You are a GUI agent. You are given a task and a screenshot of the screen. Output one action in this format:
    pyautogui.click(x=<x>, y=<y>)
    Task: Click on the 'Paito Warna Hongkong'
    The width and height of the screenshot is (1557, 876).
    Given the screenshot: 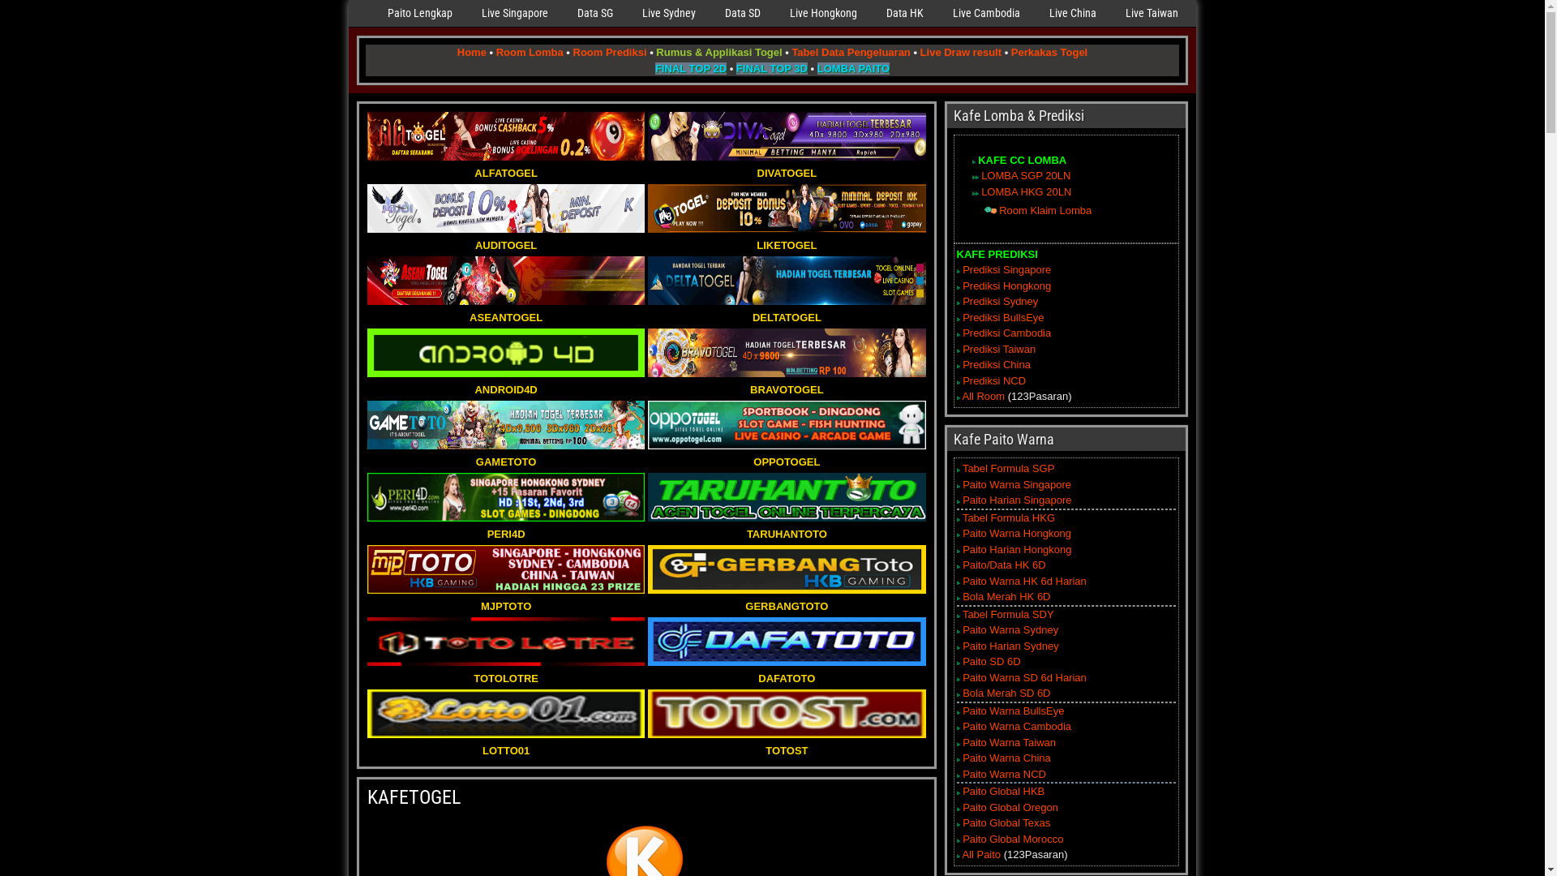 What is the action you would take?
    pyautogui.click(x=1015, y=533)
    